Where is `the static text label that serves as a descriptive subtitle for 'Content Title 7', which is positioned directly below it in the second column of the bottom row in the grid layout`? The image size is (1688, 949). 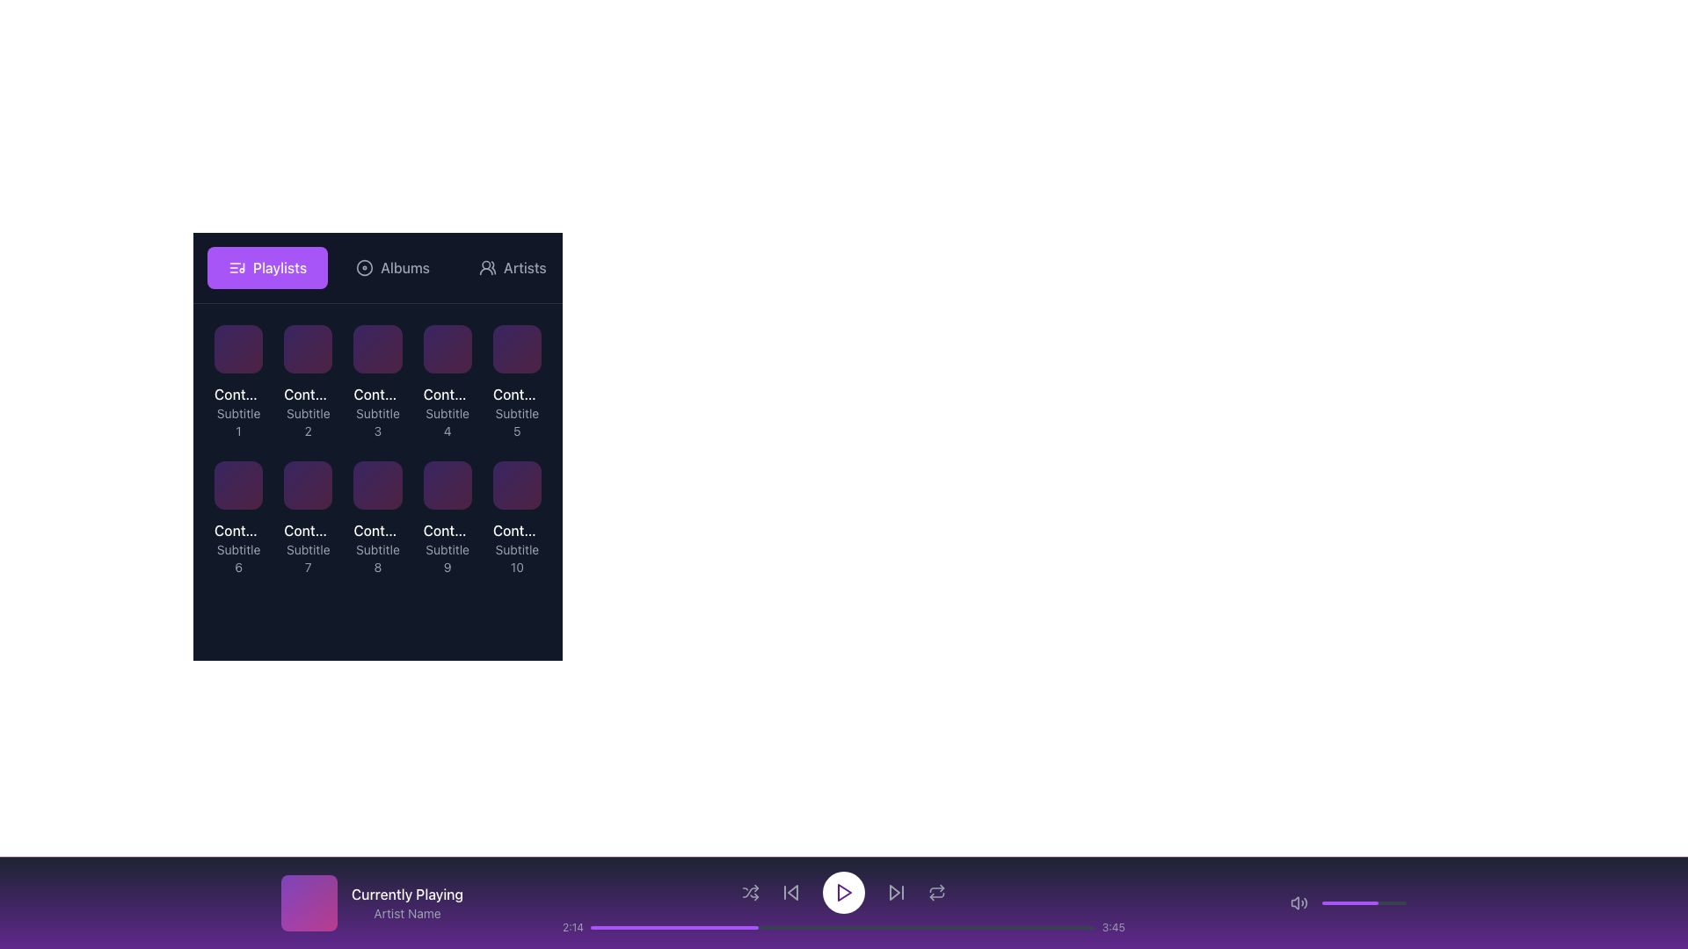
the static text label that serves as a descriptive subtitle for 'Content Title 7', which is positioned directly below it in the second column of the bottom row in the grid layout is located at coordinates (308, 559).